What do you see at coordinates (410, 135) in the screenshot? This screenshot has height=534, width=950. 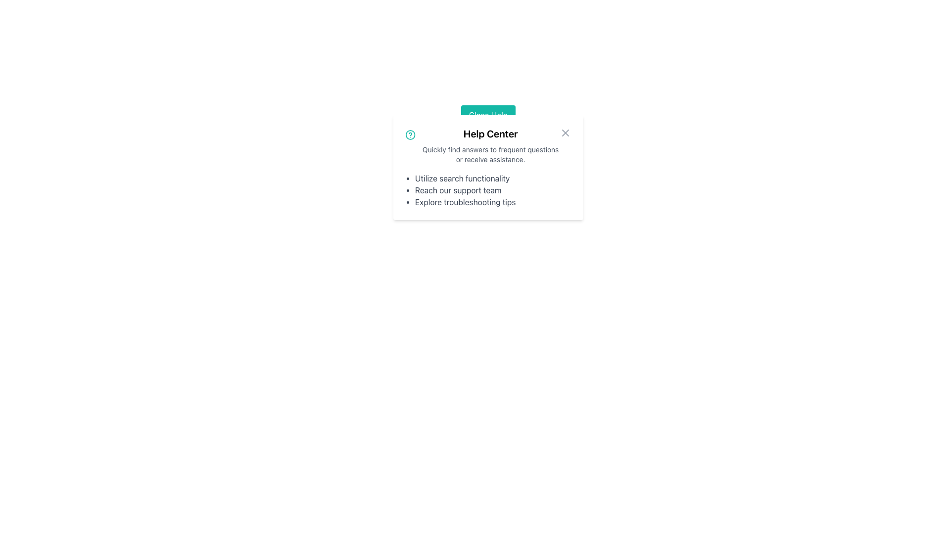 I see `the teal circular 'help' icon with a question mark symbol, located to the left of the 'Help Center' title` at bounding box center [410, 135].